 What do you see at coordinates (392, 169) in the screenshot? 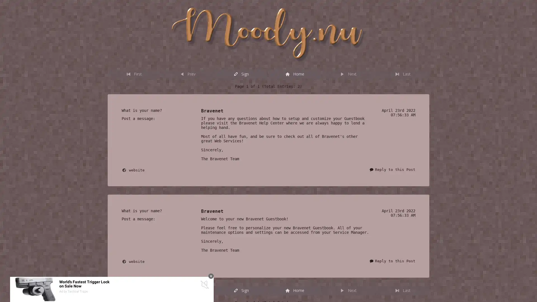
I see `Reply to this Post` at bounding box center [392, 169].